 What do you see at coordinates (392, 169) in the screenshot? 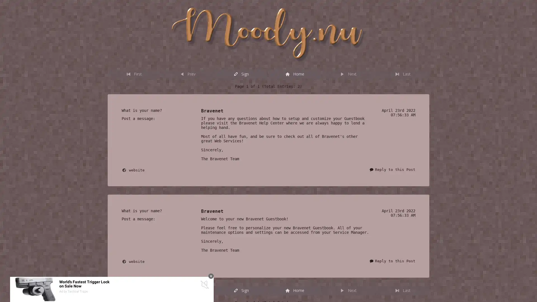
I see `Reply to this Post` at bounding box center [392, 169].